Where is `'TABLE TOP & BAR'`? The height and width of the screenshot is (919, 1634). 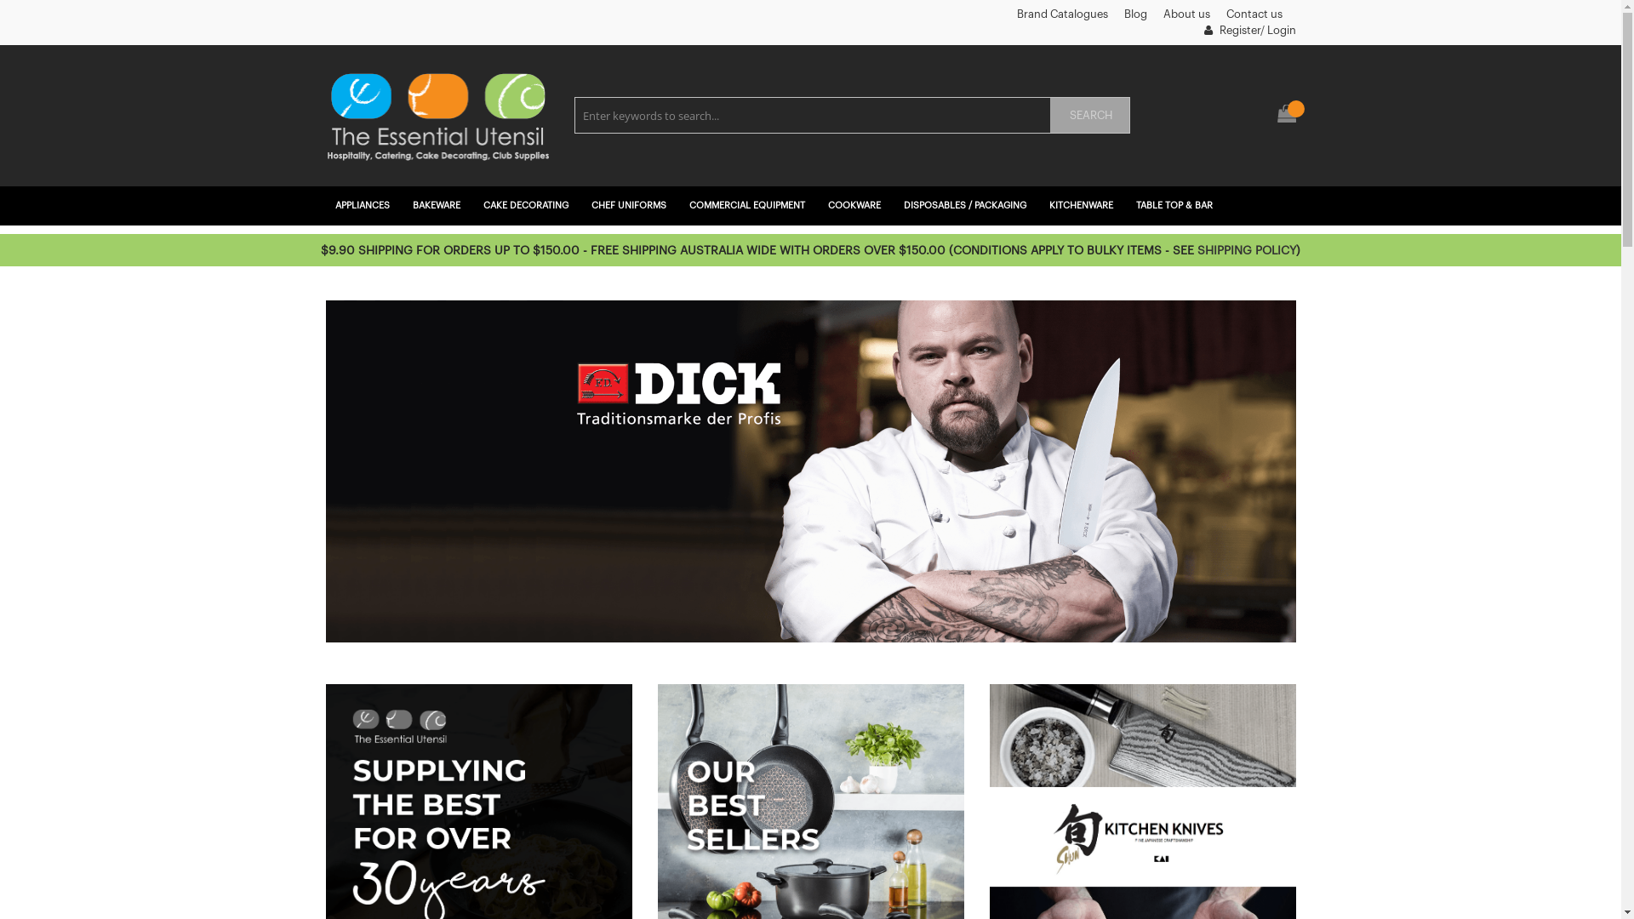
'TABLE TOP & BAR' is located at coordinates (1175, 205).